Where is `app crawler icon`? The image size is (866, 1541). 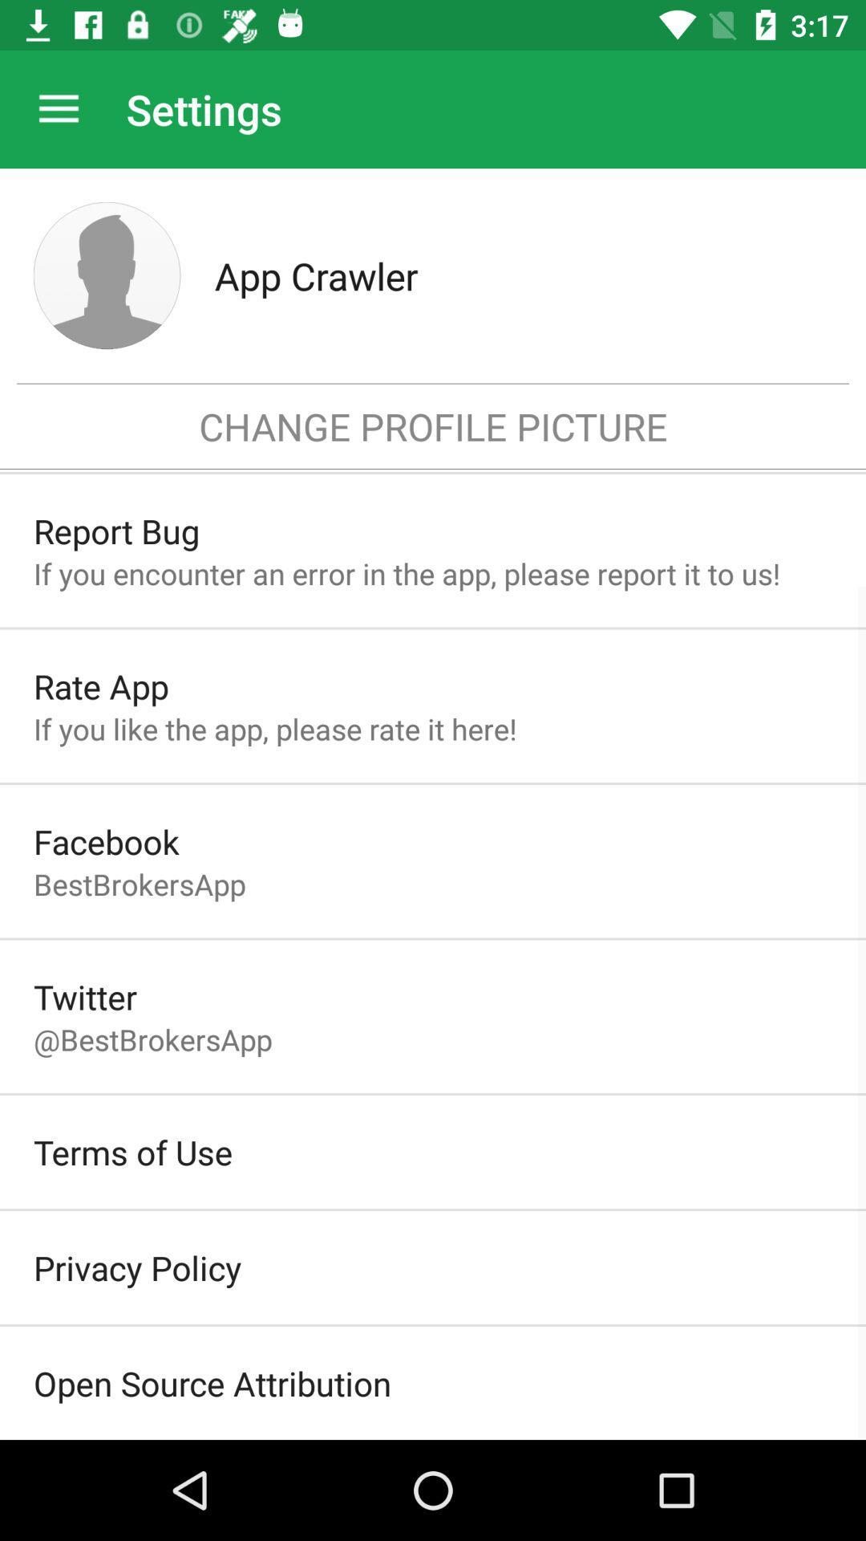 app crawler icon is located at coordinates (523, 275).